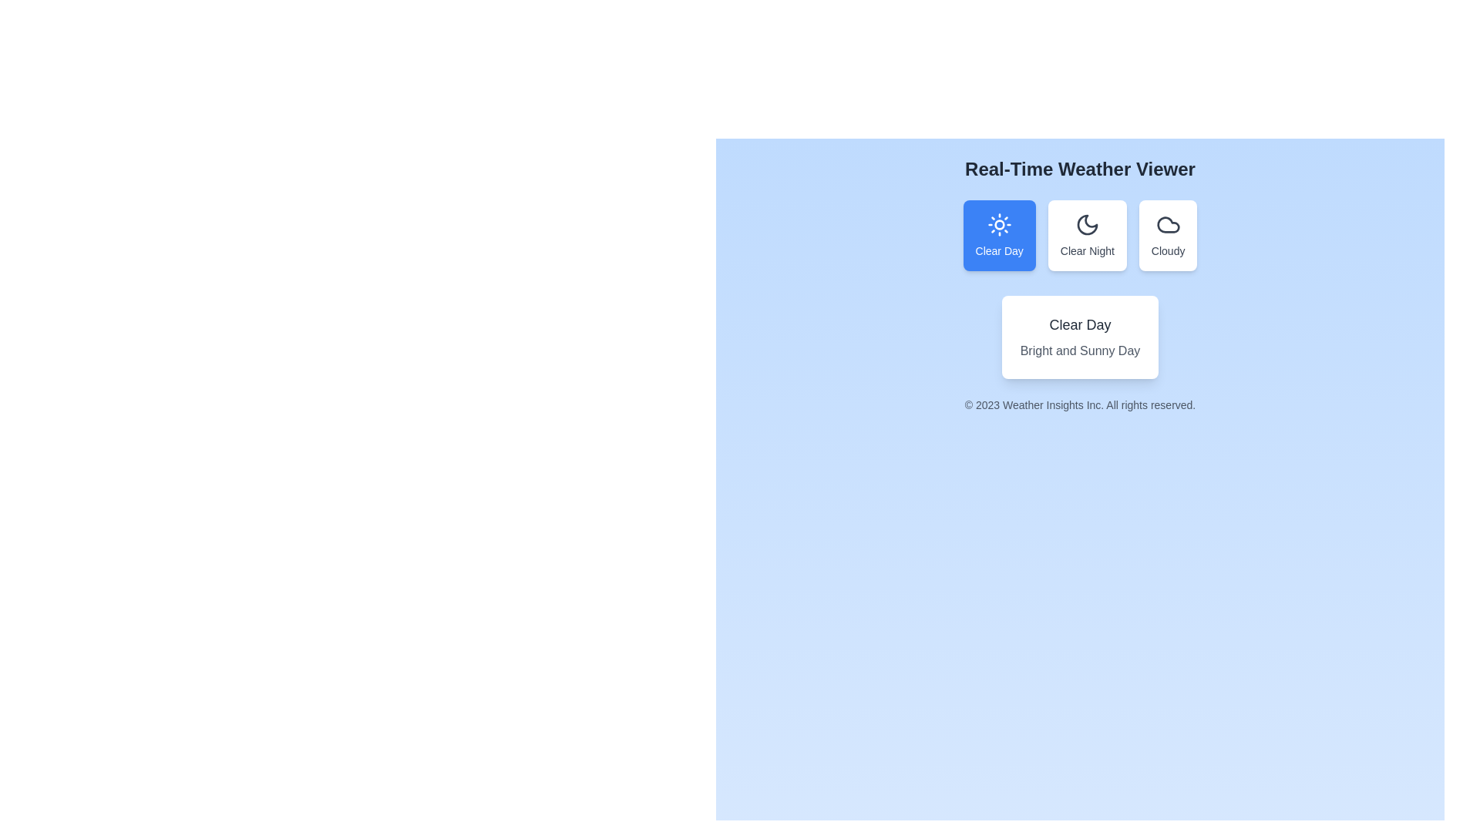  What do you see at coordinates (1168, 225) in the screenshot?
I see `the cloud icon, which is the last button in the horizontal row of three weather options in the weather selection interface` at bounding box center [1168, 225].